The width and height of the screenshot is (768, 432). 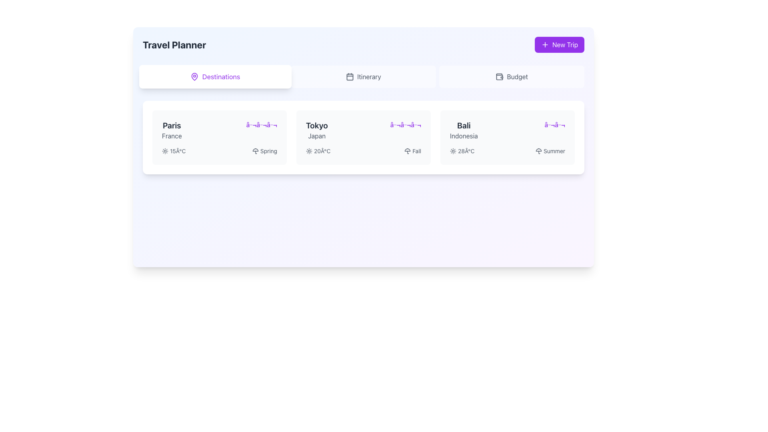 What do you see at coordinates (550, 151) in the screenshot?
I see `the information presented in the 'Summer' informational label with an umbrella icon located in the third card of the bottom row in the 'Bali' section` at bounding box center [550, 151].